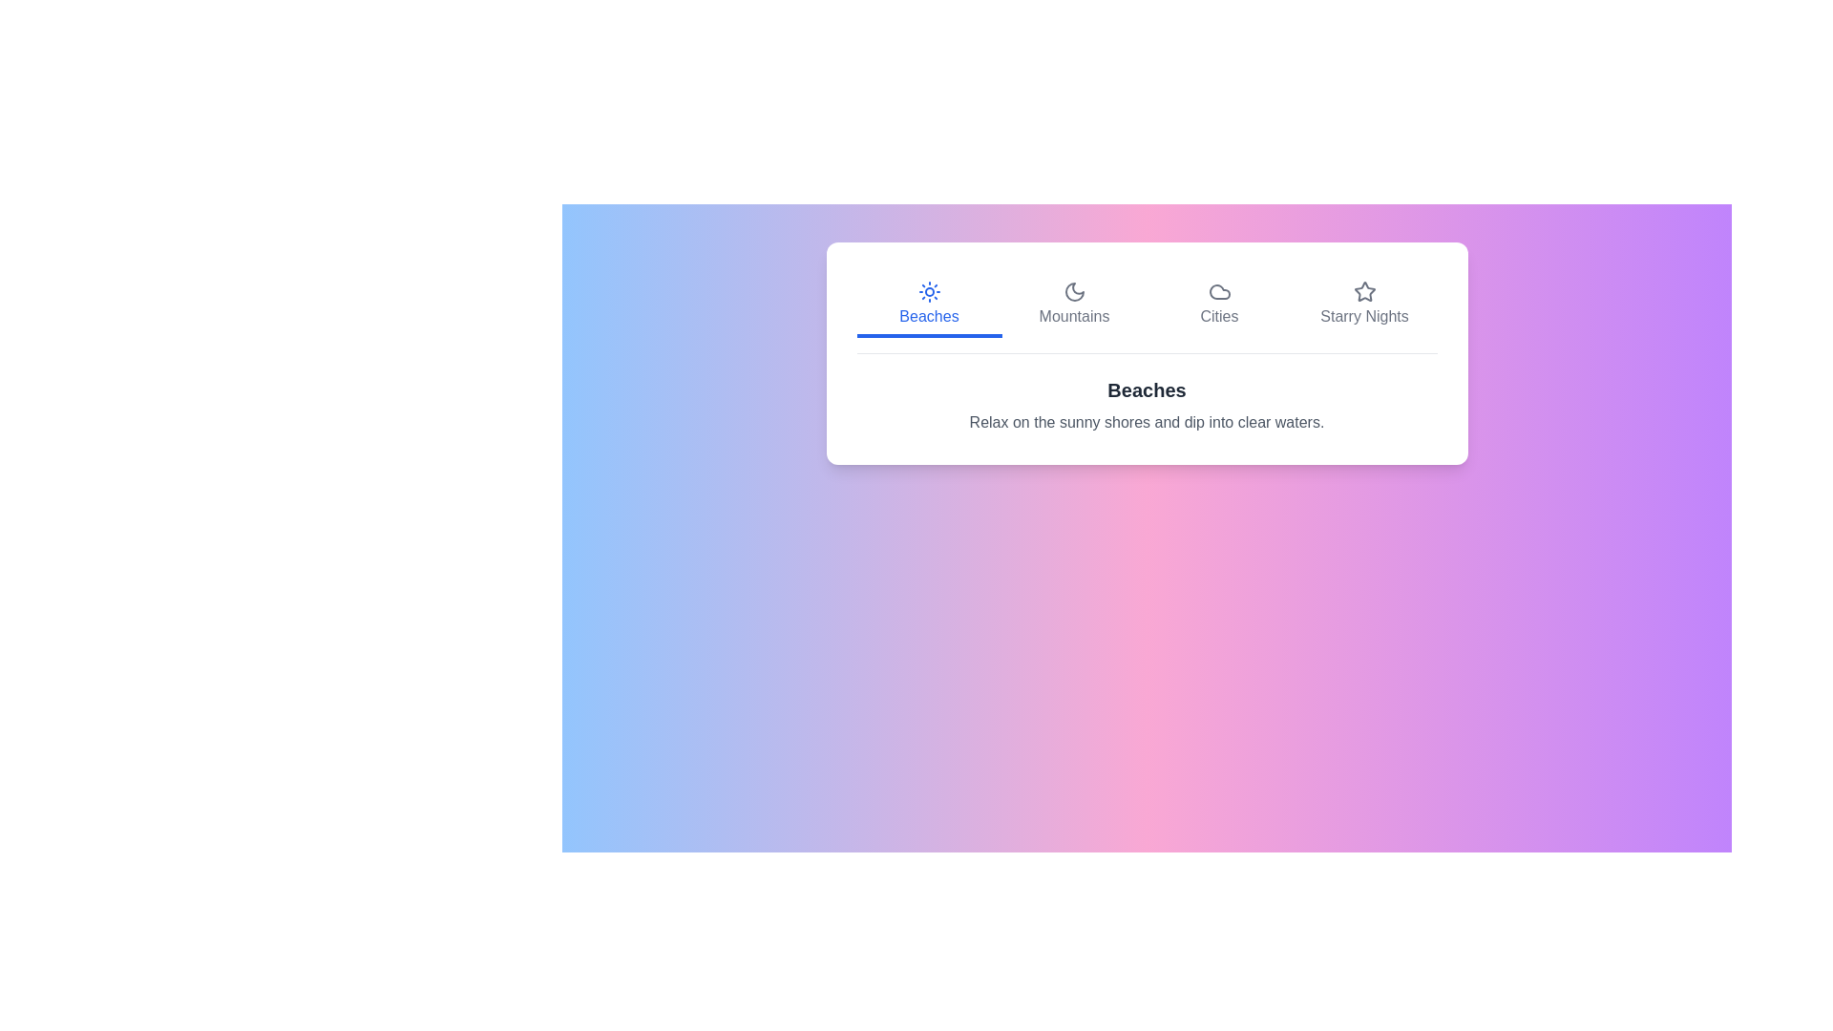 This screenshot has height=1031, width=1833. I want to click on the Beaches button to preview its hover effect, so click(929, 305).